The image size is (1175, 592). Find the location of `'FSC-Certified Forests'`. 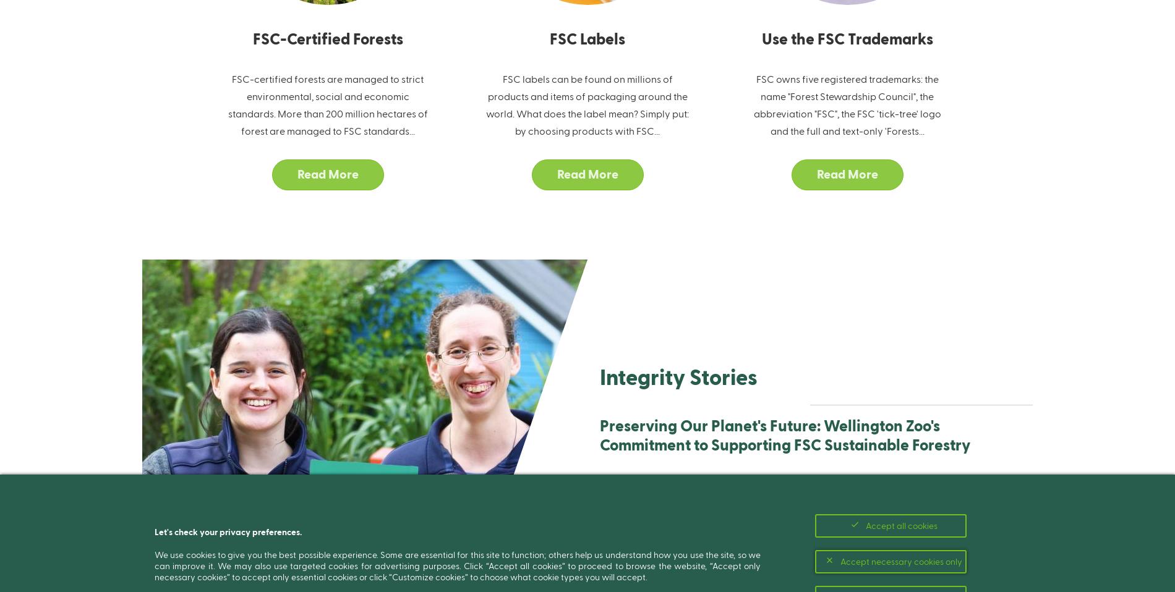

'FSC-Certified Forests' is located at coordinates (327, 38).